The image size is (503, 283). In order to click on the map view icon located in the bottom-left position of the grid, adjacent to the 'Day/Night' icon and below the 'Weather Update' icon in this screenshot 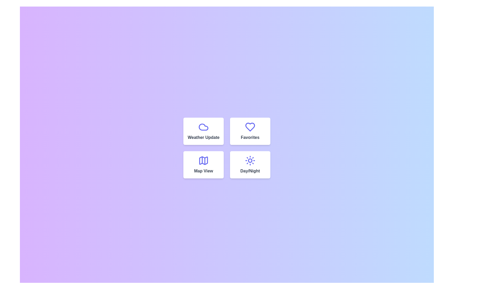, I will do `click(203, 160)`.